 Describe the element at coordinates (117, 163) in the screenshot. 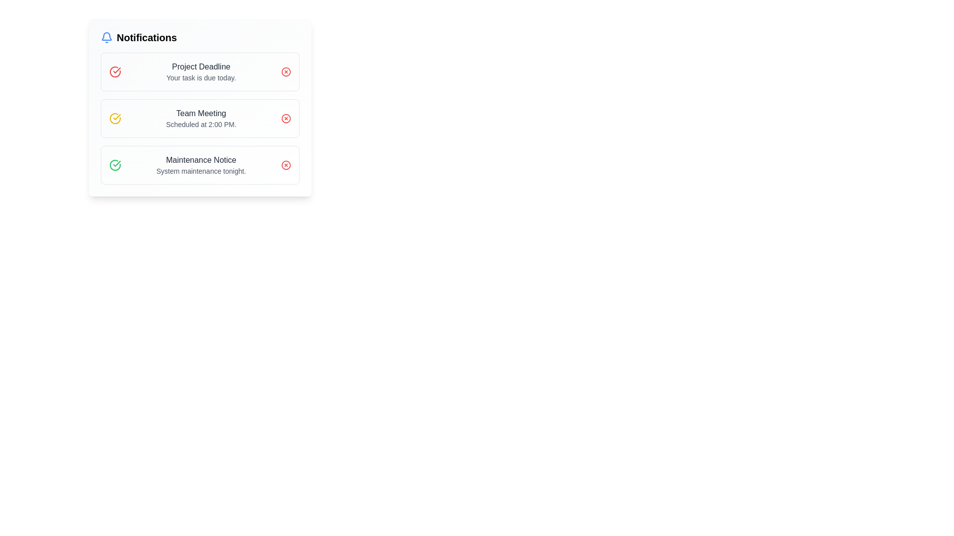

I see `the SVG icon within the 'Maintenance Notice' notification, which indicates a successful or ongoing positive action` at that location.